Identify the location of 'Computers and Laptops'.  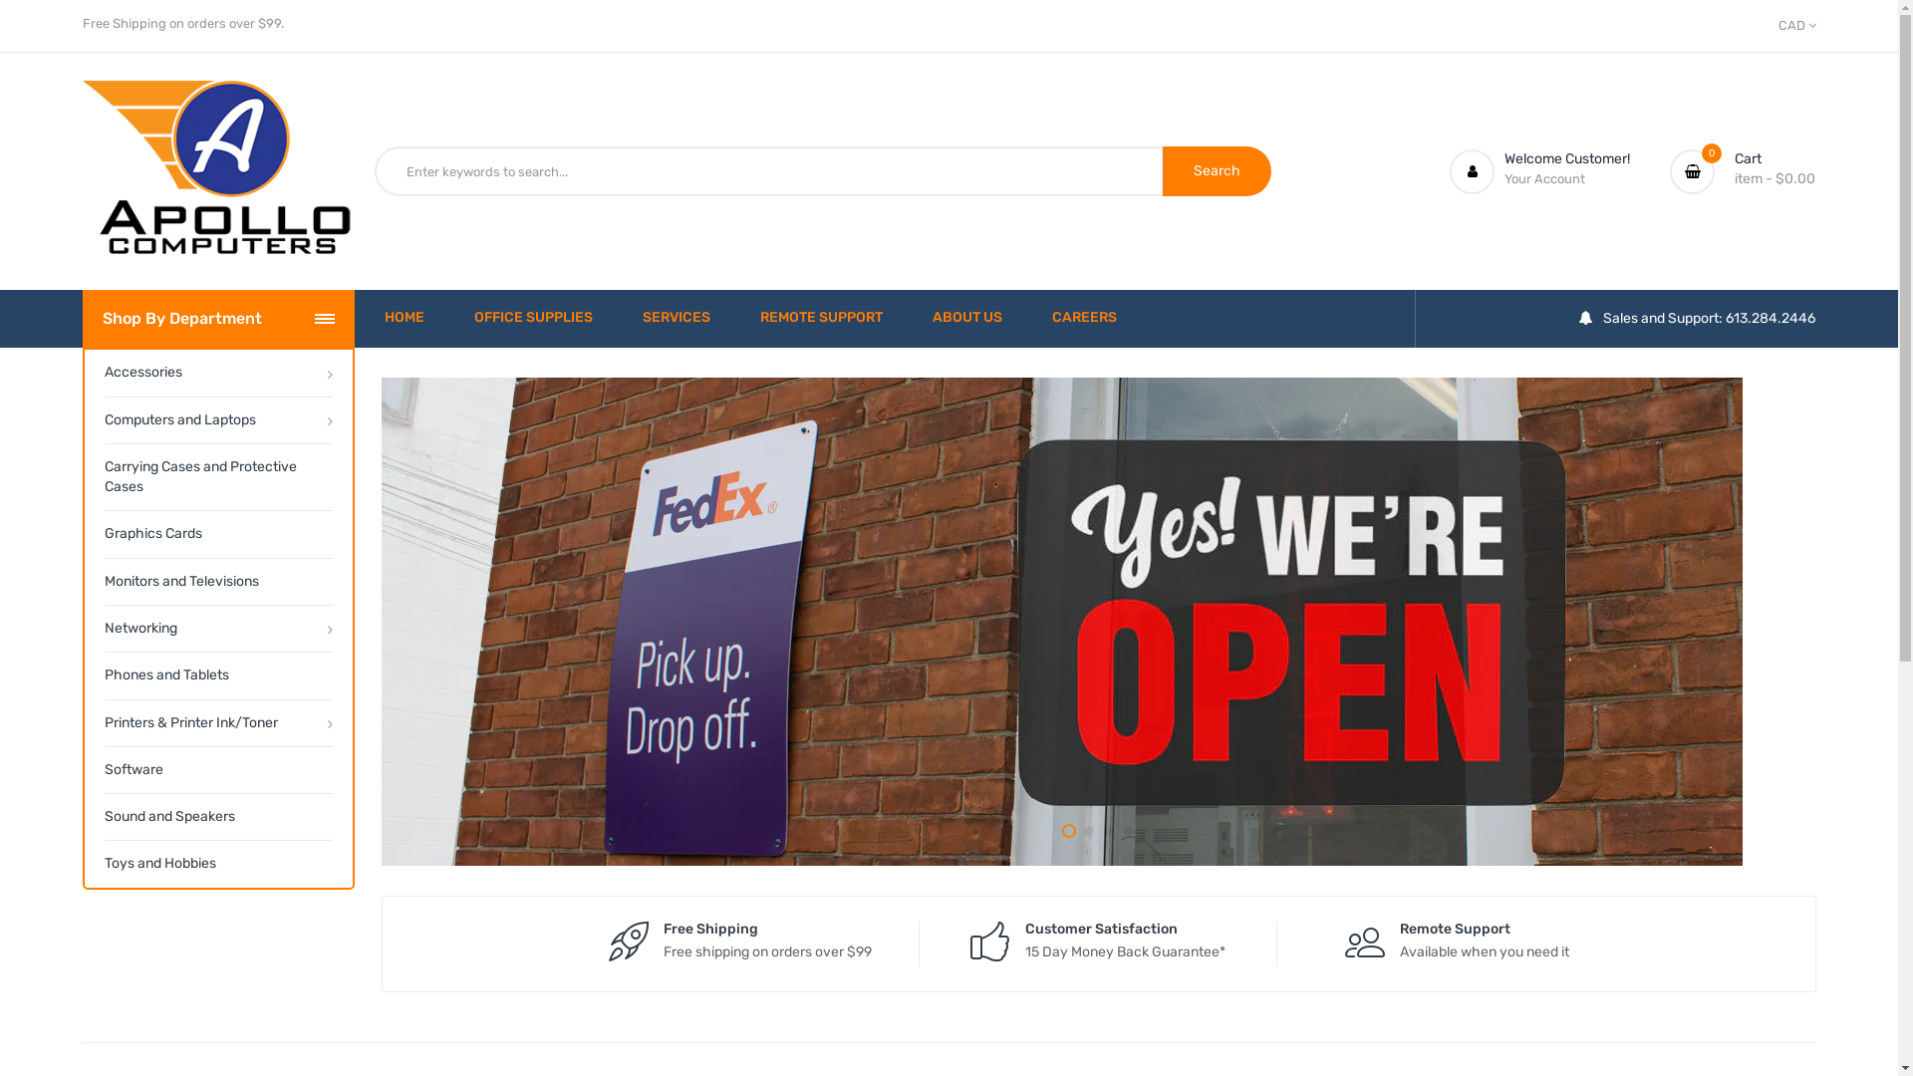
(217, 418).